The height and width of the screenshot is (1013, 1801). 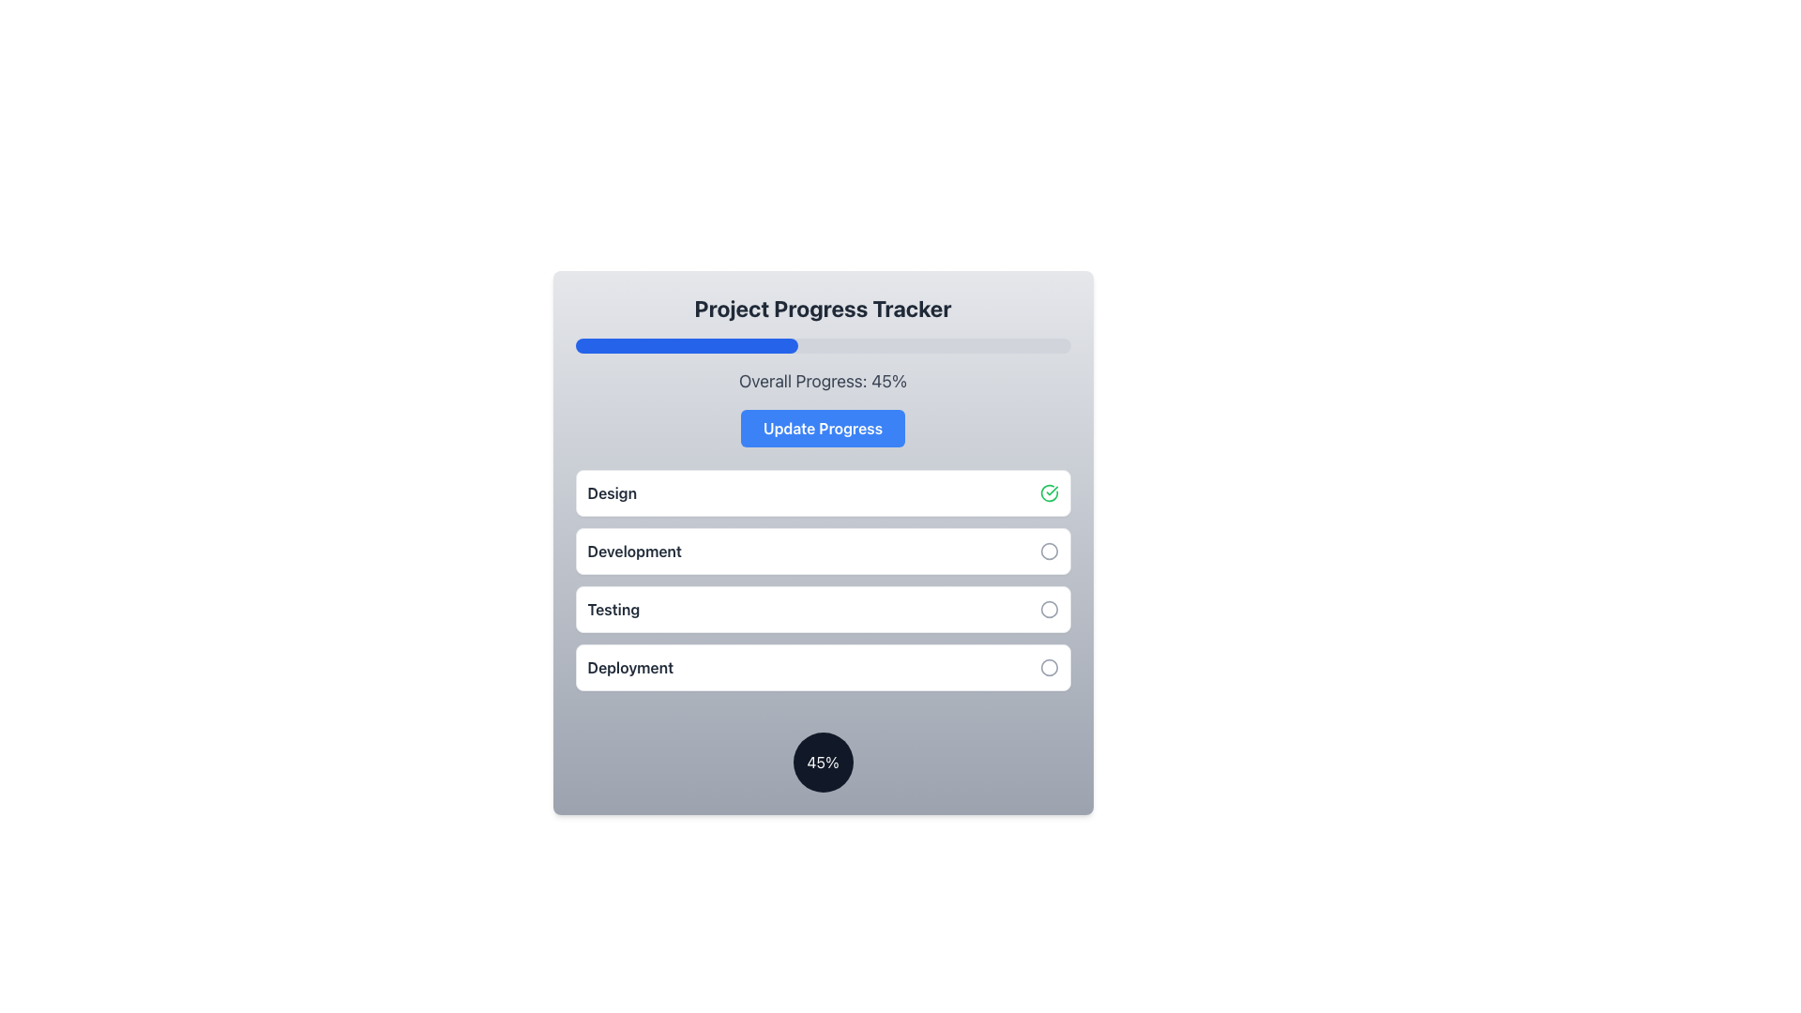 What do you see at coordinates (634, 550) in the screenshot?
I see `the text label reading 'Development', which is styled with a bold font and dark gray color, located in a white rectangular box with rounded corners` at bounding box center [634, 550].